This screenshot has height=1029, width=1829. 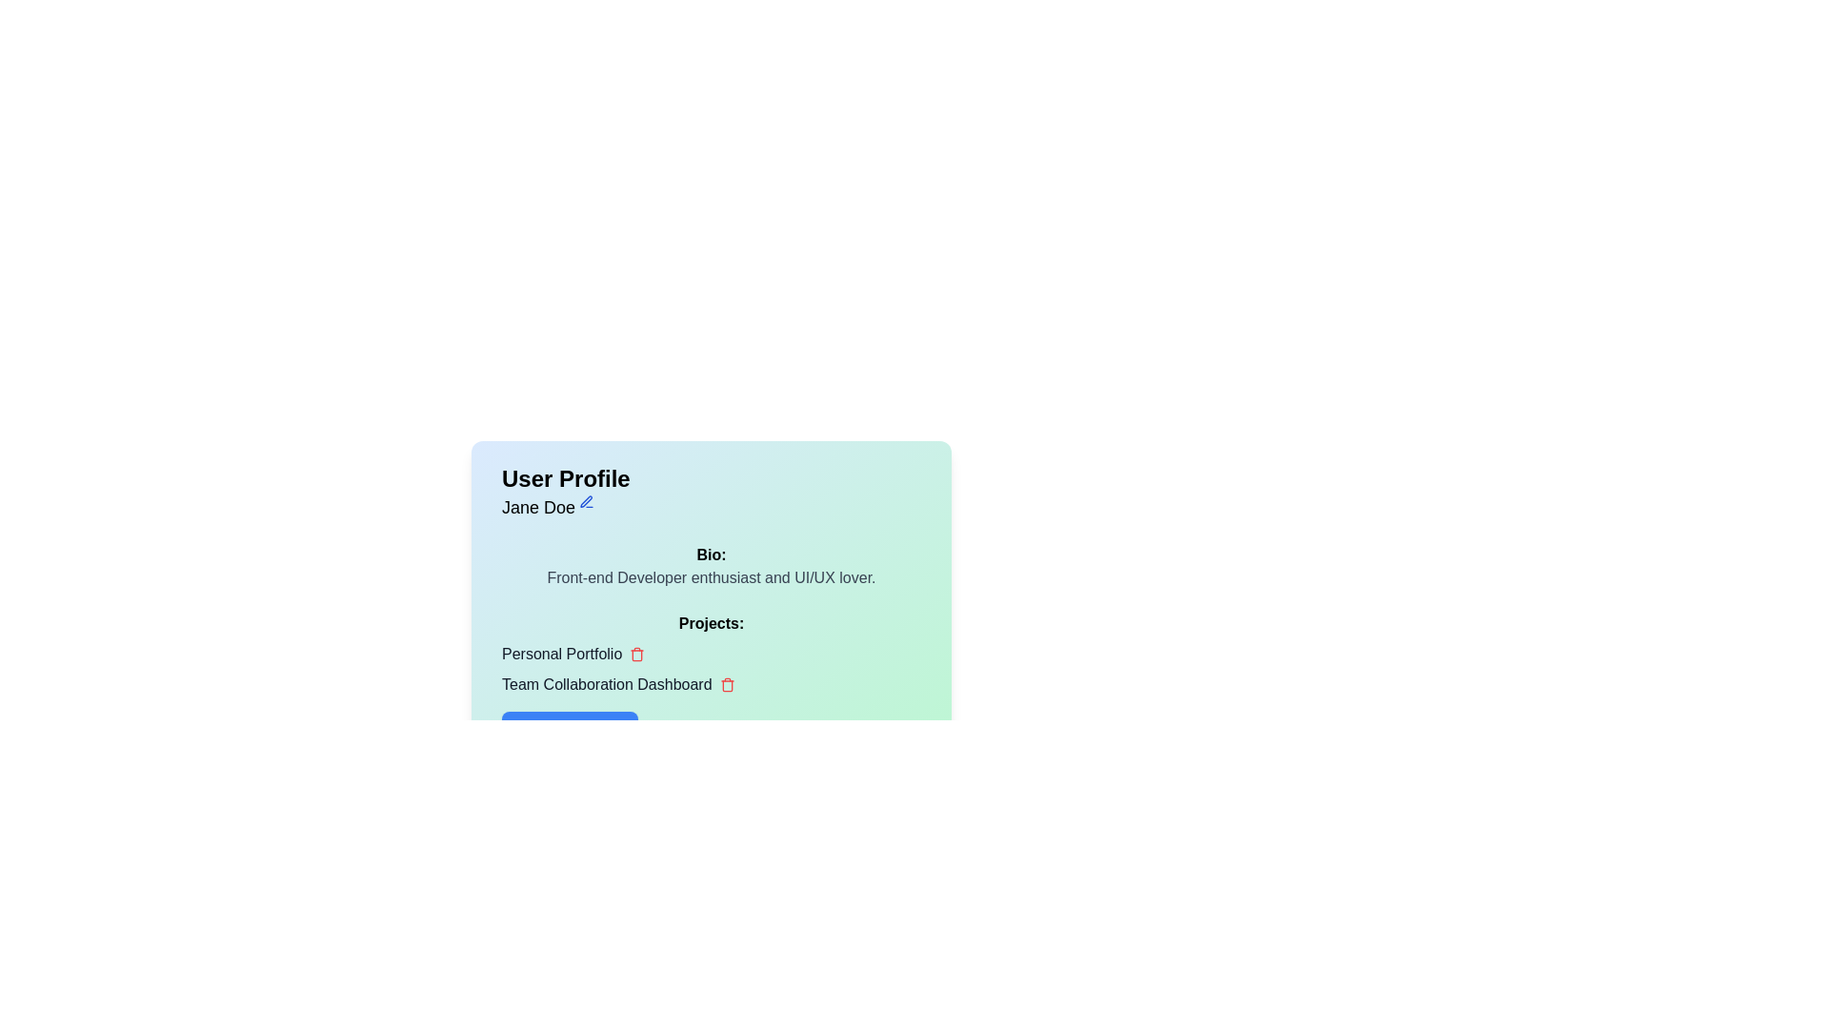 What do you see at coordinates (726, 683) in the screenshot?
I see `the trash bin icon button, which is red and indicates a delete action, located to the right of the text 'Team Collaboration Dashboard'` at bounding box center [726, 683].